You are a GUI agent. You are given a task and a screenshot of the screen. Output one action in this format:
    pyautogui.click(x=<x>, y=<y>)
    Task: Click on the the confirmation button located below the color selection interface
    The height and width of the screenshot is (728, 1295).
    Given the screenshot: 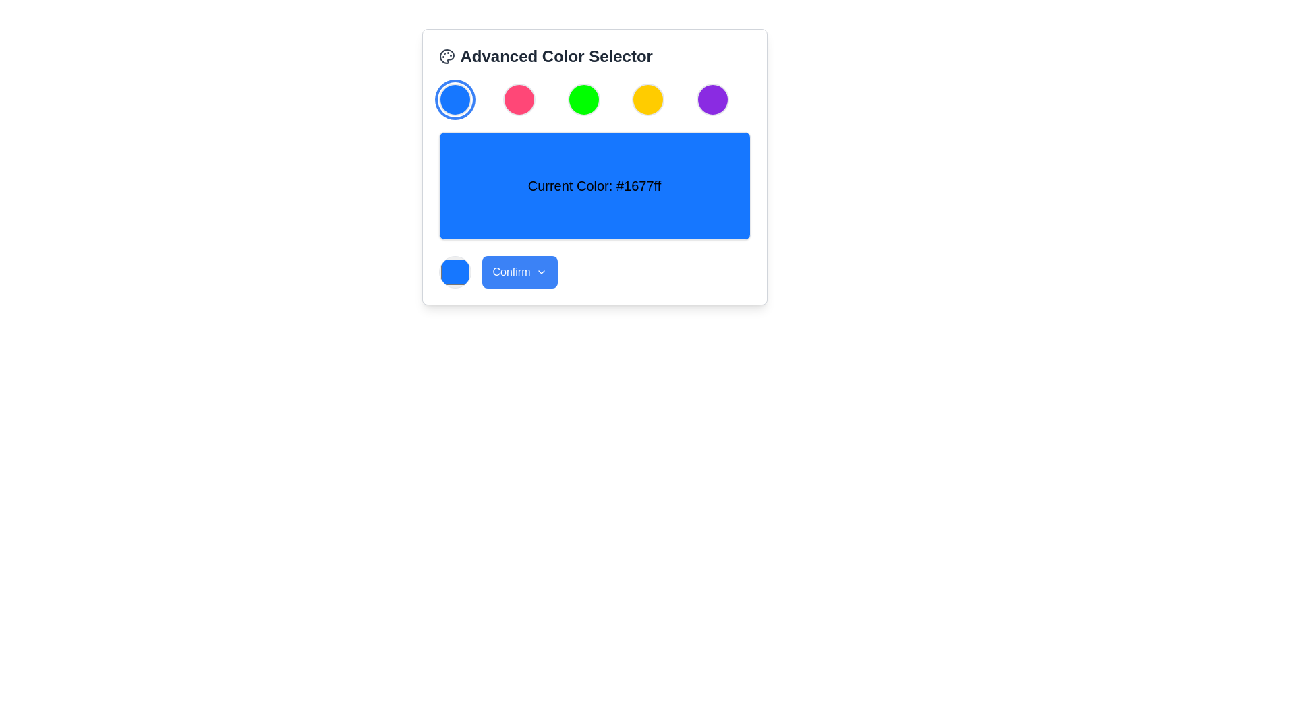 What is the action you would take?
    pyautogui.click(x=519, y=272)
    